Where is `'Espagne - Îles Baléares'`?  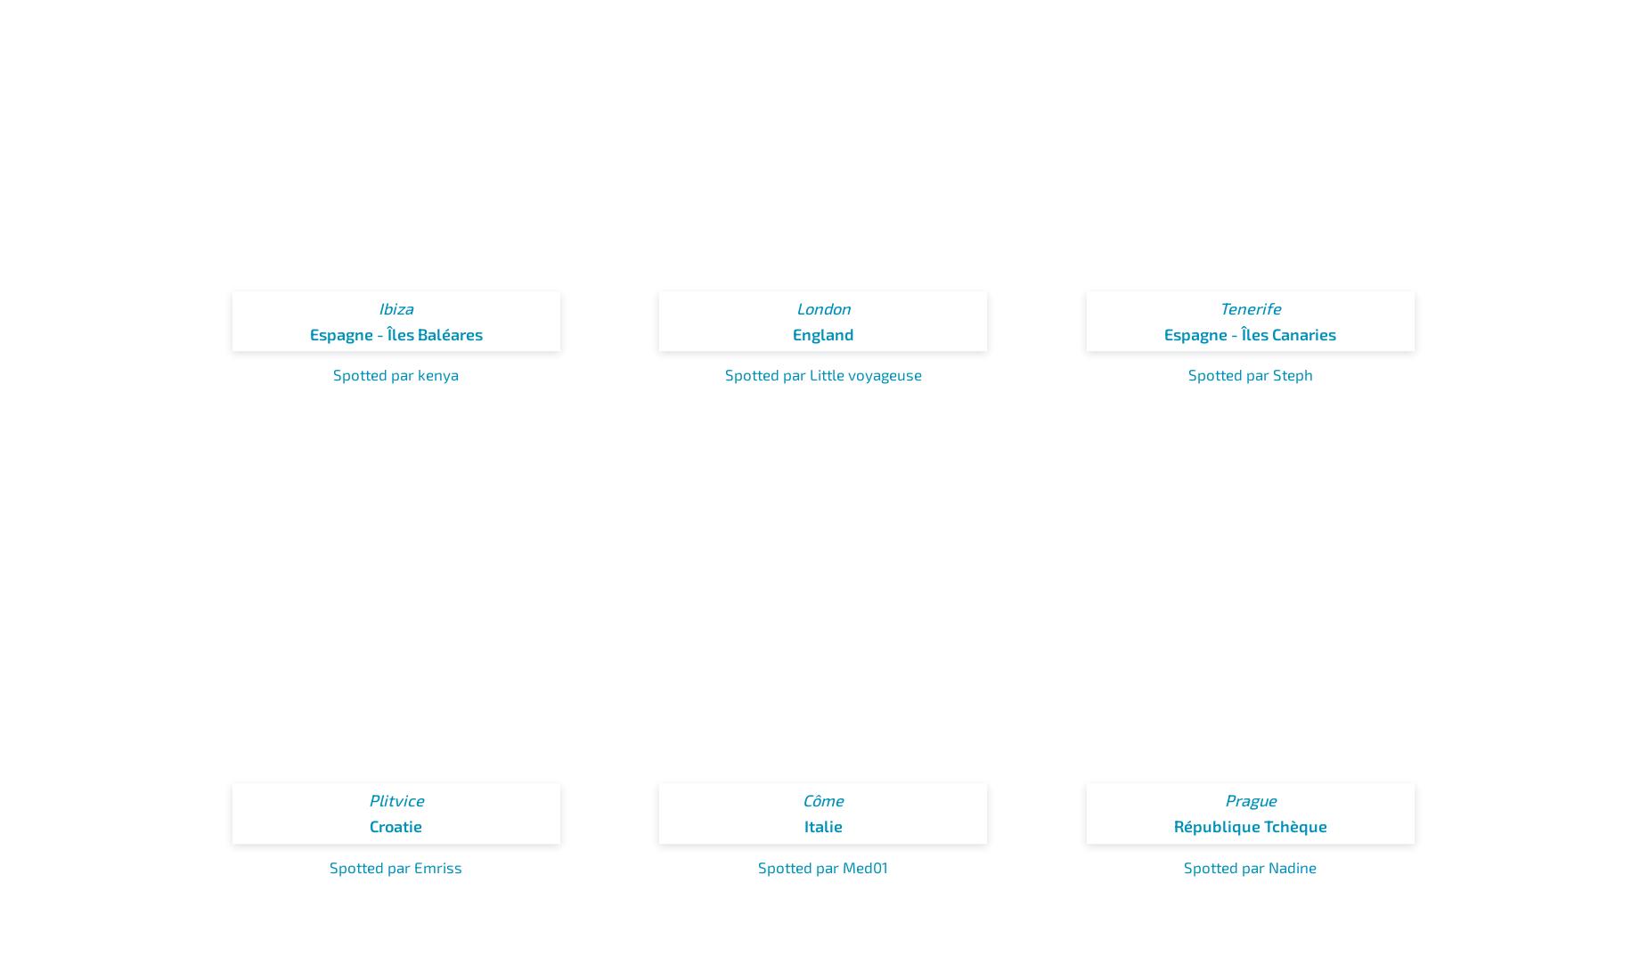
'Espagne - Îles Baléares' is located at coordinates (395, 331).